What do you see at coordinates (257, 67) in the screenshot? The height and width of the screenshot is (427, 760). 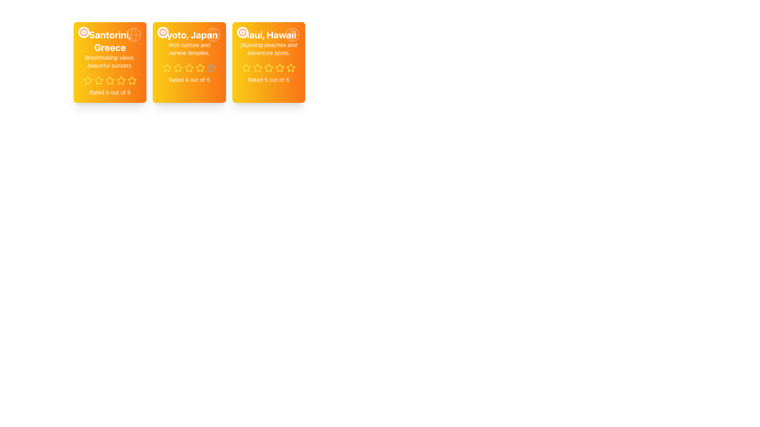 I see `the first star icon in the rating panel for 'Maui, Hawaii'` at bounding box center [257, 67].